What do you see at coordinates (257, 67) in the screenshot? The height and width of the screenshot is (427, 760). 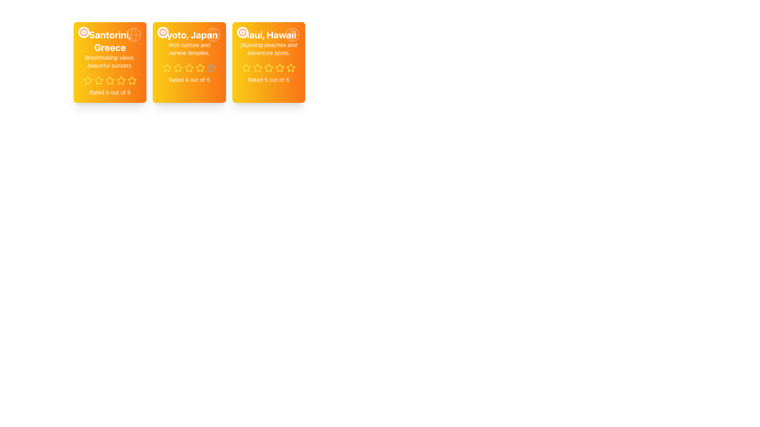 I see `the first star icon in the rating panel for 'Maui, Hawaii'` at bounding box center [257, 67].